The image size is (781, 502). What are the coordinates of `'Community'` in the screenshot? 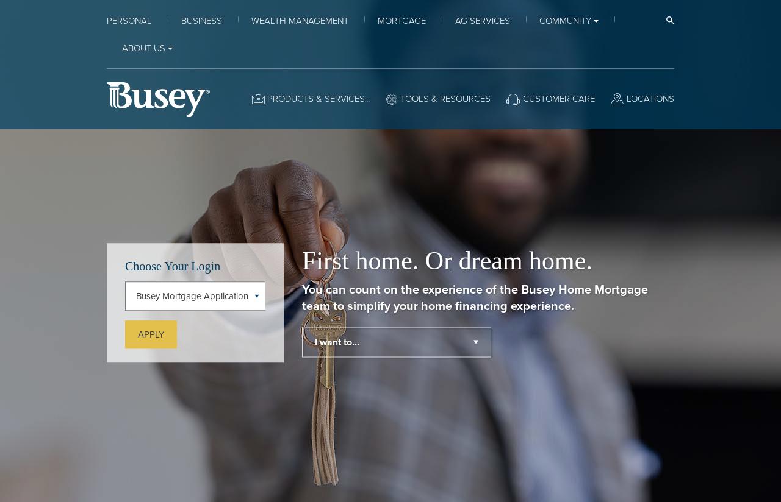 It's located at (564, 20).